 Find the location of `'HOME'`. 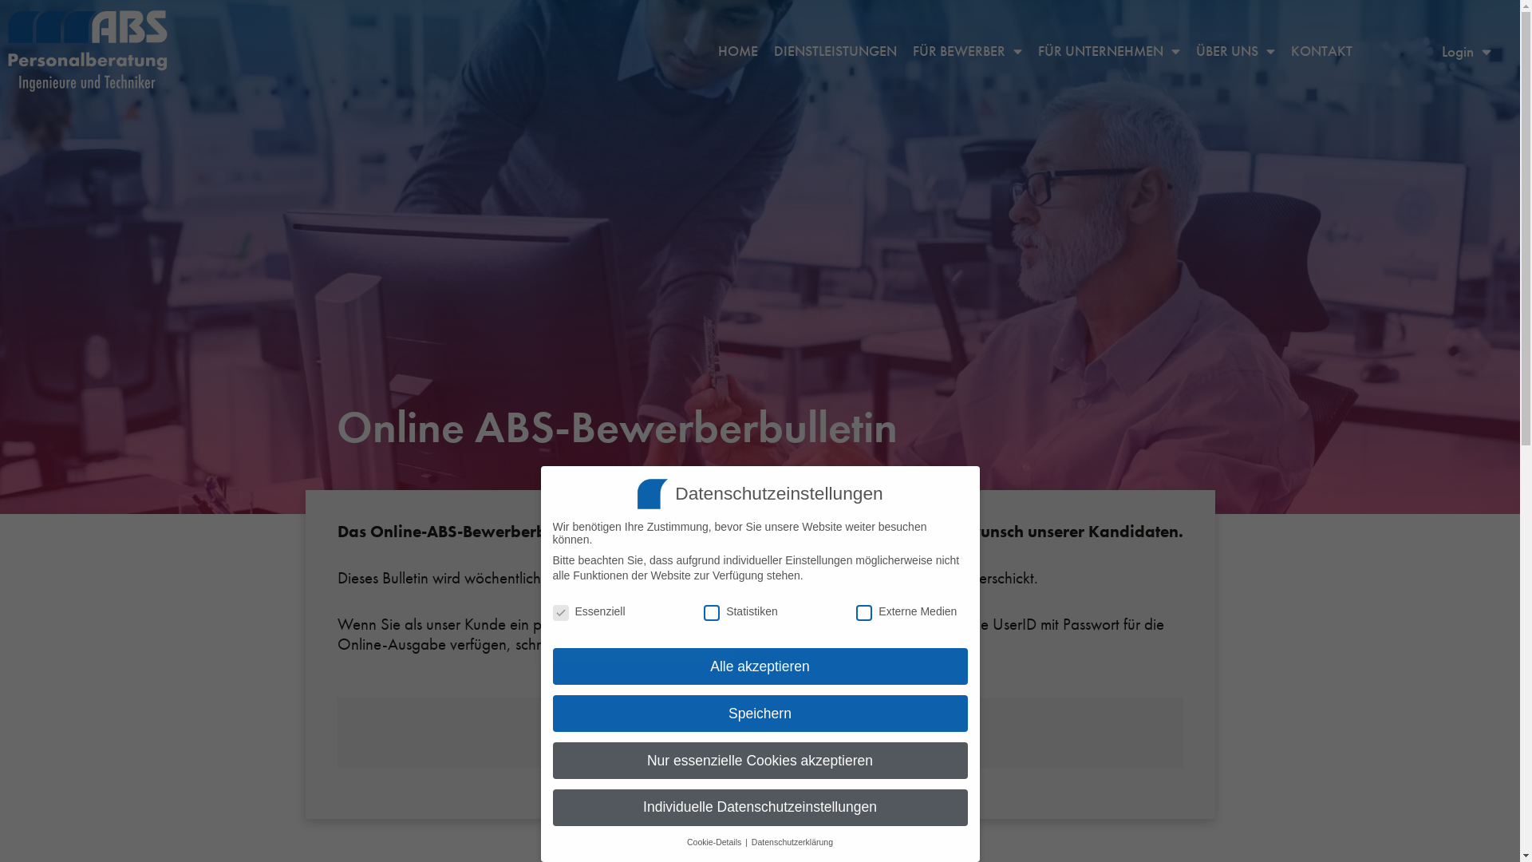

'HOME' is located at coordinates (737, 50).